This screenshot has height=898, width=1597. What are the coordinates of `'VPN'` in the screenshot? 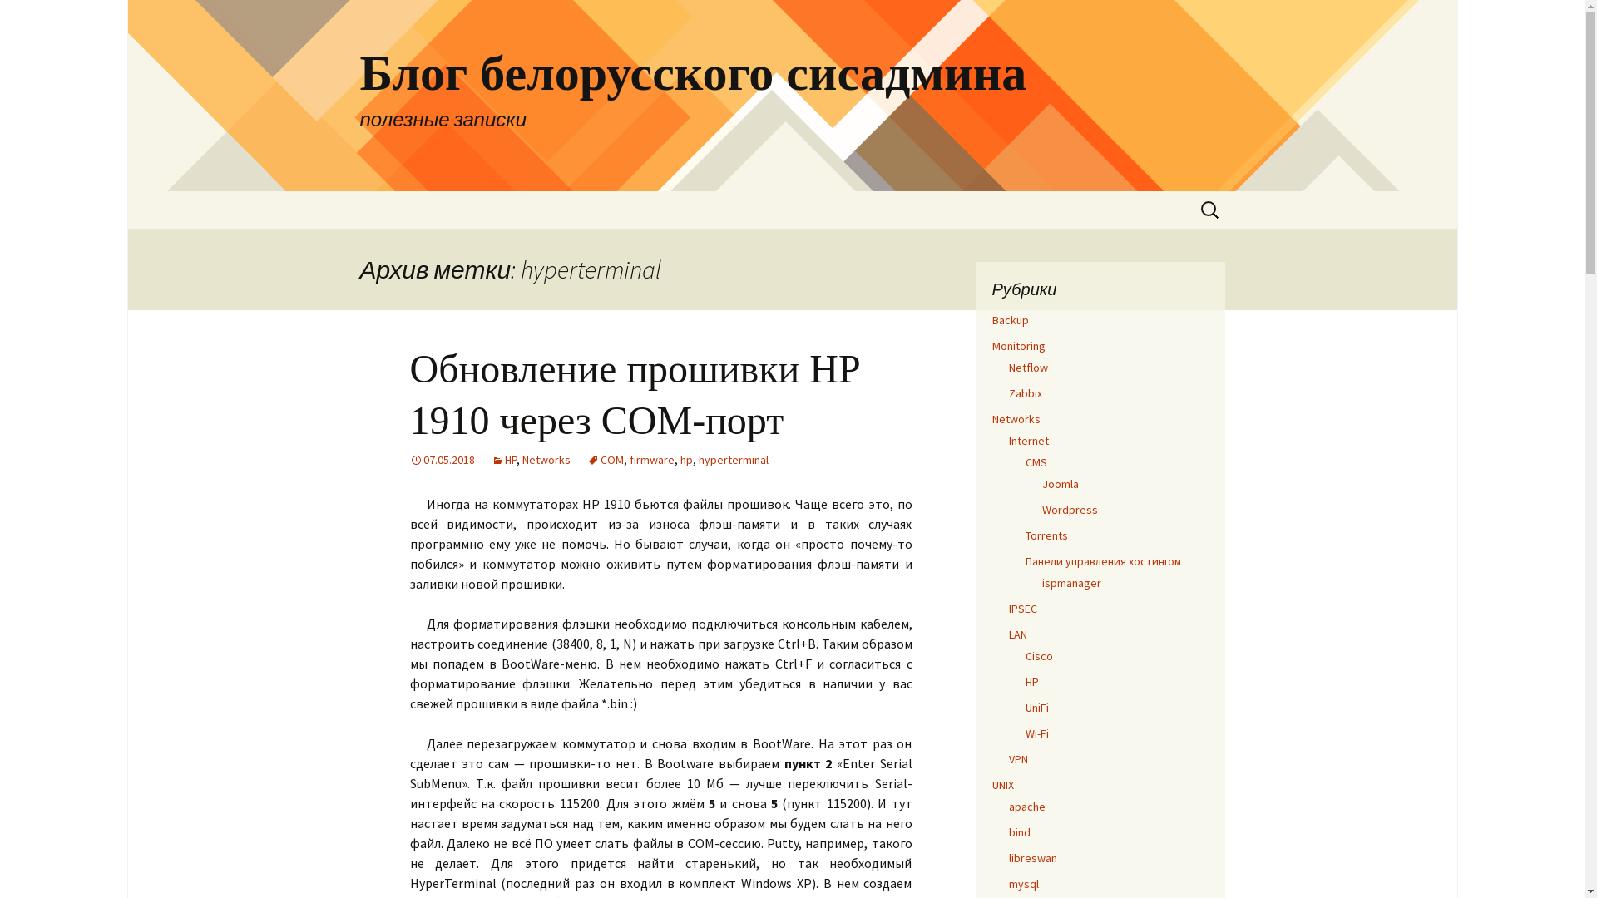 It's located at (1016, 759).